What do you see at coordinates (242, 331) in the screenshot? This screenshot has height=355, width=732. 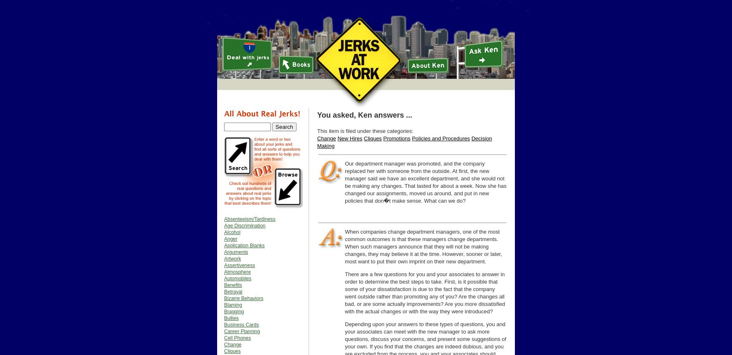 I see `'Career Planning'` at bounding box center [242, 331].